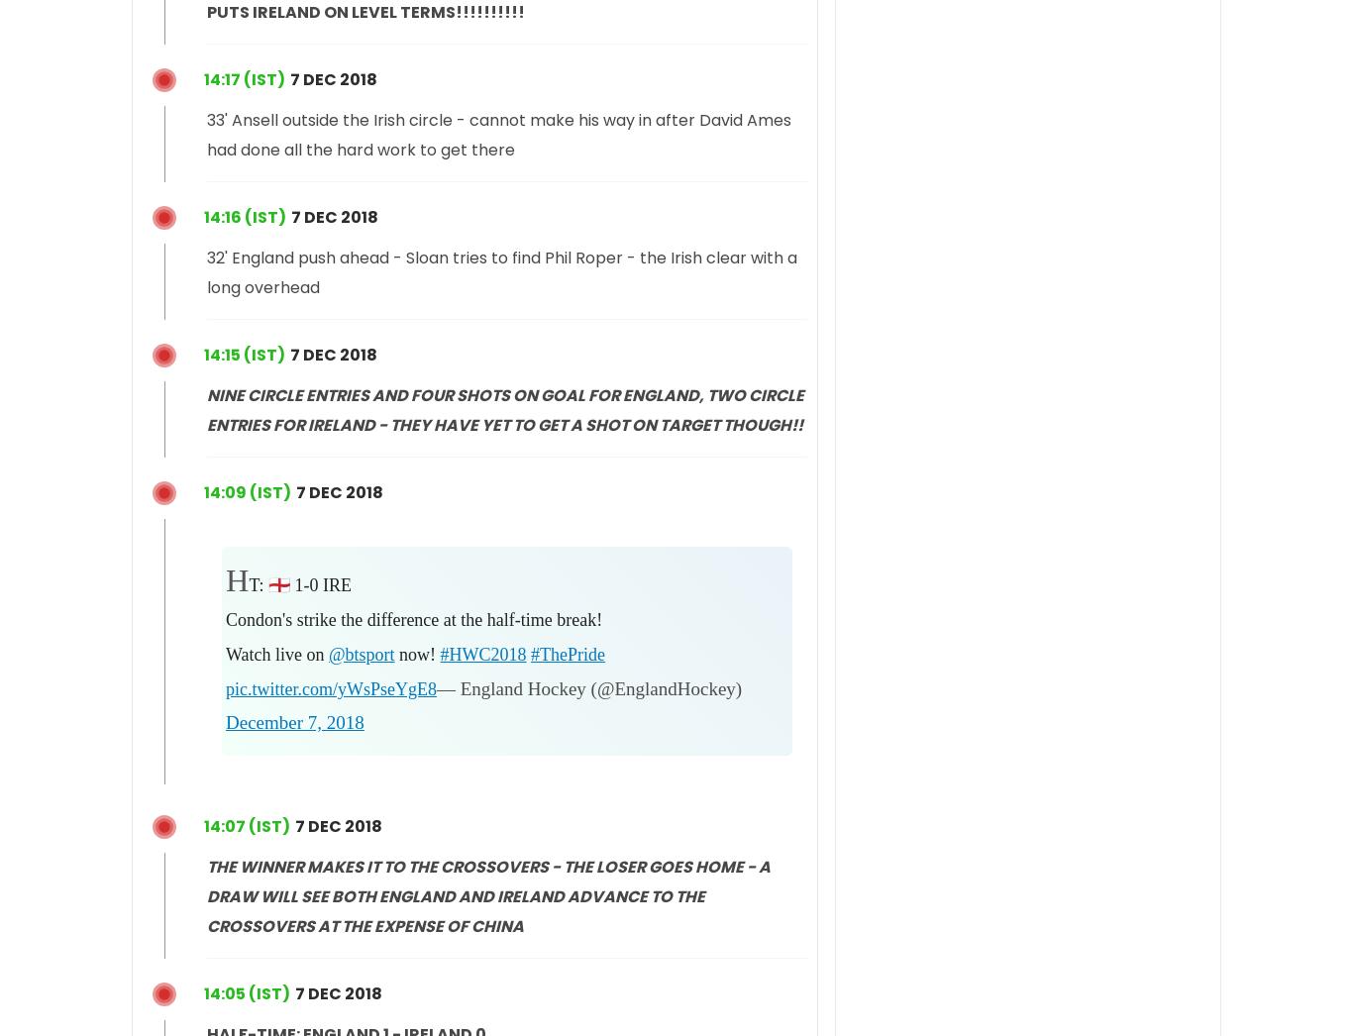  What do you see at coordinates (360, 653) in the screenshot?
I see `'@btsport'` at bounding box center [360, 653].